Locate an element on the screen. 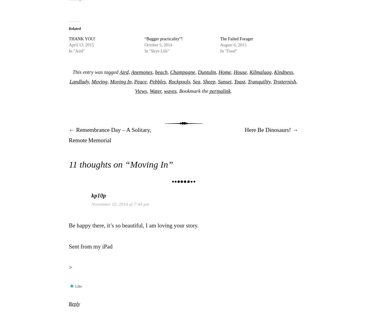 Image resolution: width=367 pixels, height=312 pixels. 'Home' is located at coordinates (224, 72).